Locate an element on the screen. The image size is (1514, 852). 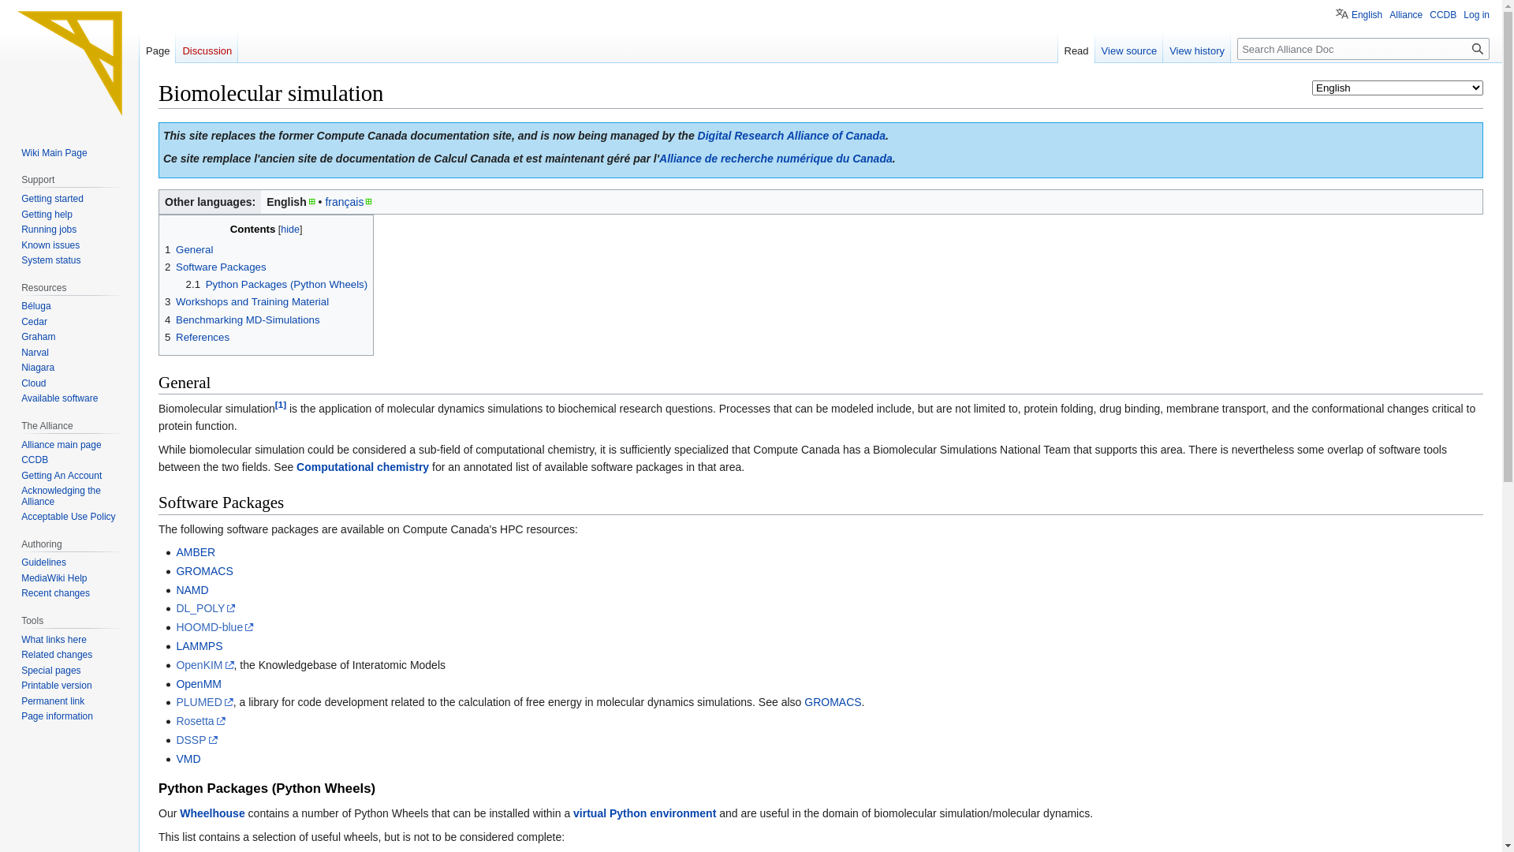
'Log in' is located at coordinates (1475, 15).